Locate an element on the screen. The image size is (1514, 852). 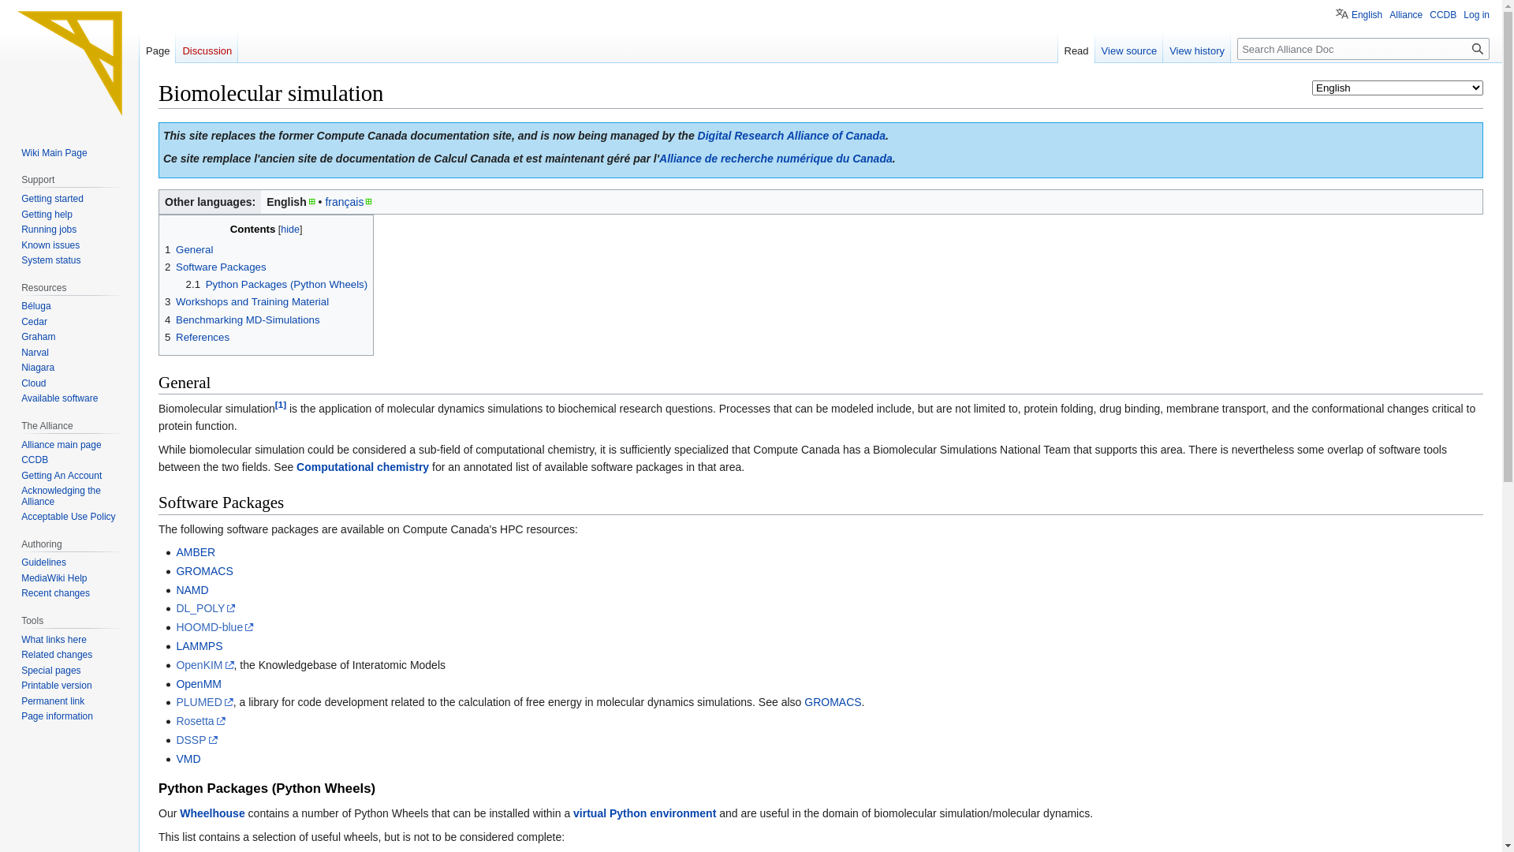
'Log in' is located at coordinates (1475, 15).